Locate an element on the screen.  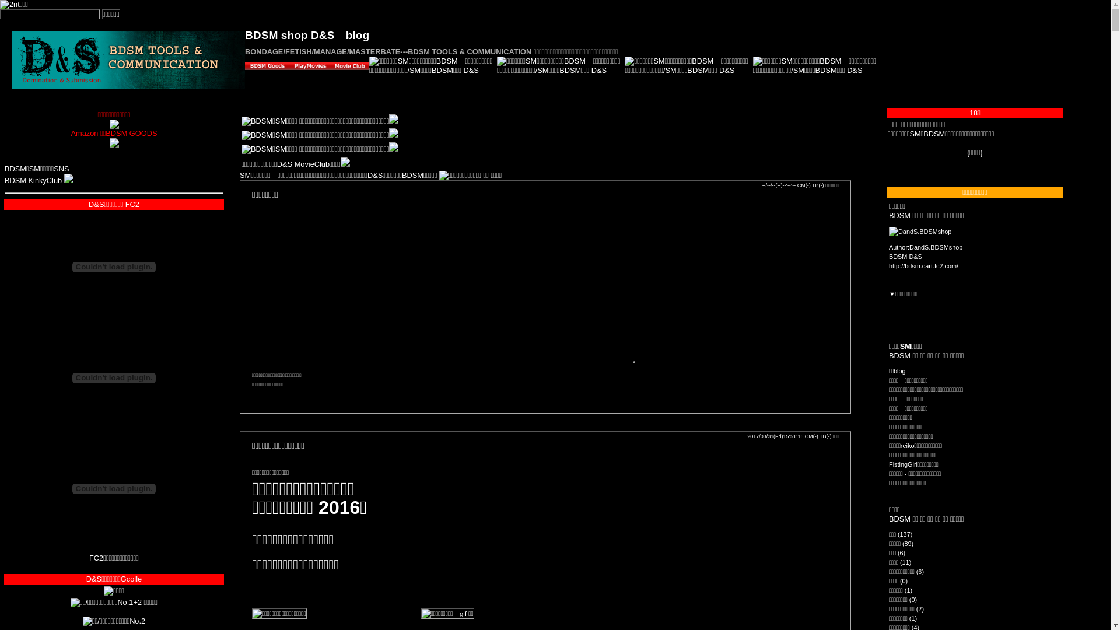
'http://bdsm.cart.fc2.com/' is located at coordinates (888, 265).